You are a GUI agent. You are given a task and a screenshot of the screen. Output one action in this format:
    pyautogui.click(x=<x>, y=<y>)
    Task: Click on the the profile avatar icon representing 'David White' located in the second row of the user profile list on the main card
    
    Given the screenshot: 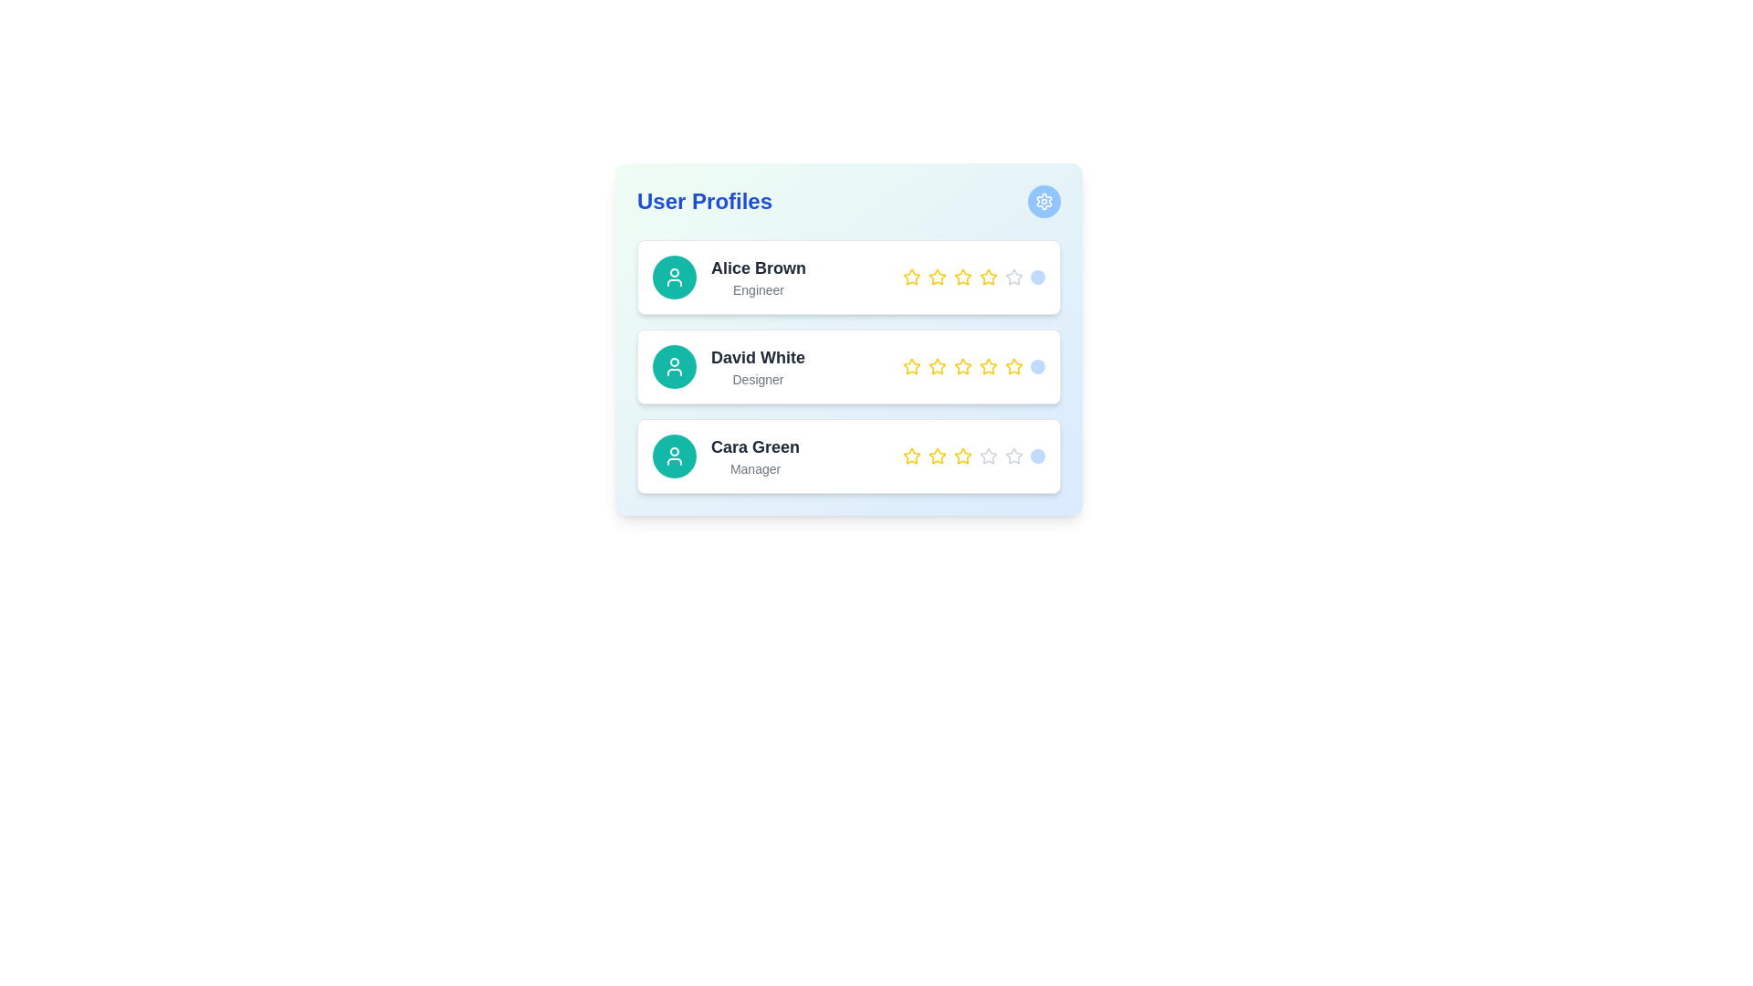 What is the action you would take?
    pyautogui.click(x=674, y=366)
    